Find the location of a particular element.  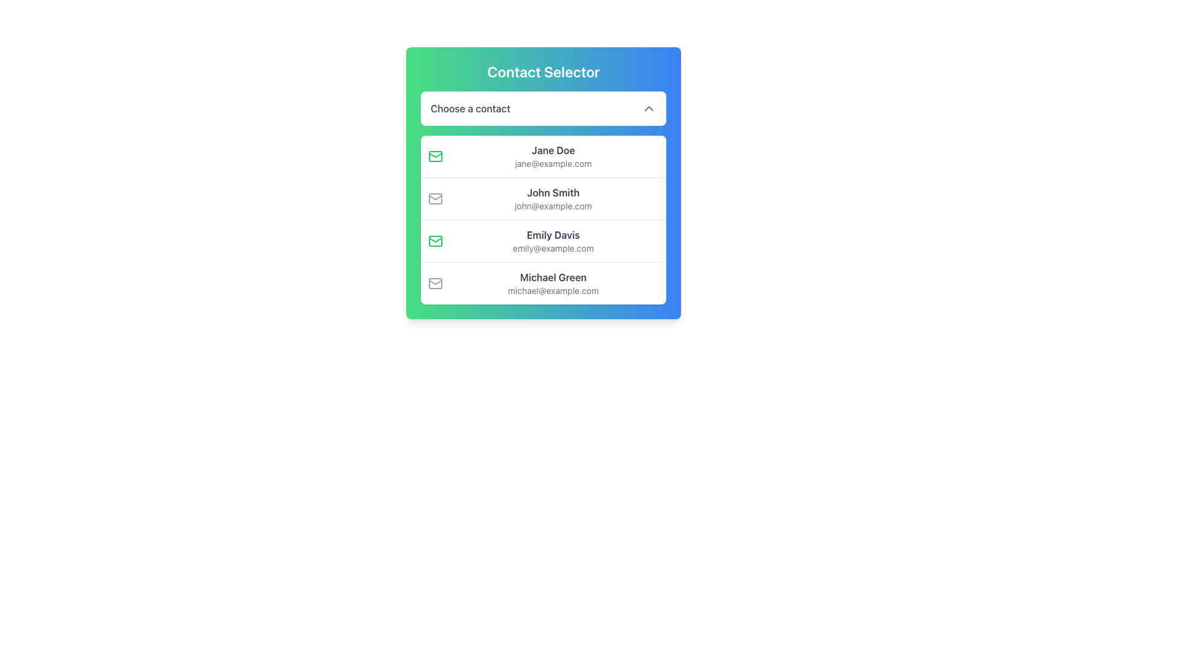

the Label displaying the contact name 'Jane Doe', which is the first entry in the listed contacts under the title dropdown 'Choose a contact' is located at coordinates (553, 150).